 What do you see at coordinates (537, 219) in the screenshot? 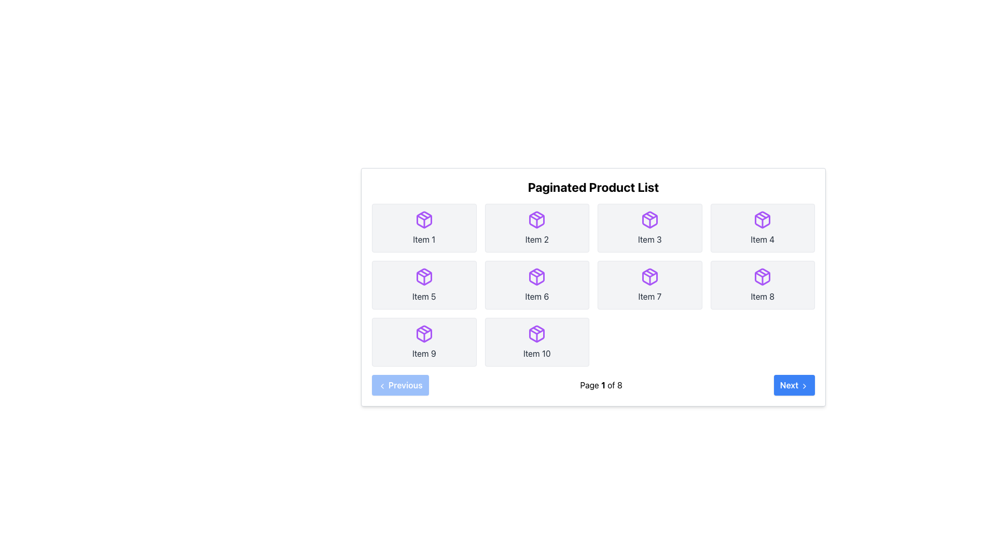
I see `the 'Item 2' icon in the second column of the first row of the product grid for further interaction` at bounding box center [537, 219].